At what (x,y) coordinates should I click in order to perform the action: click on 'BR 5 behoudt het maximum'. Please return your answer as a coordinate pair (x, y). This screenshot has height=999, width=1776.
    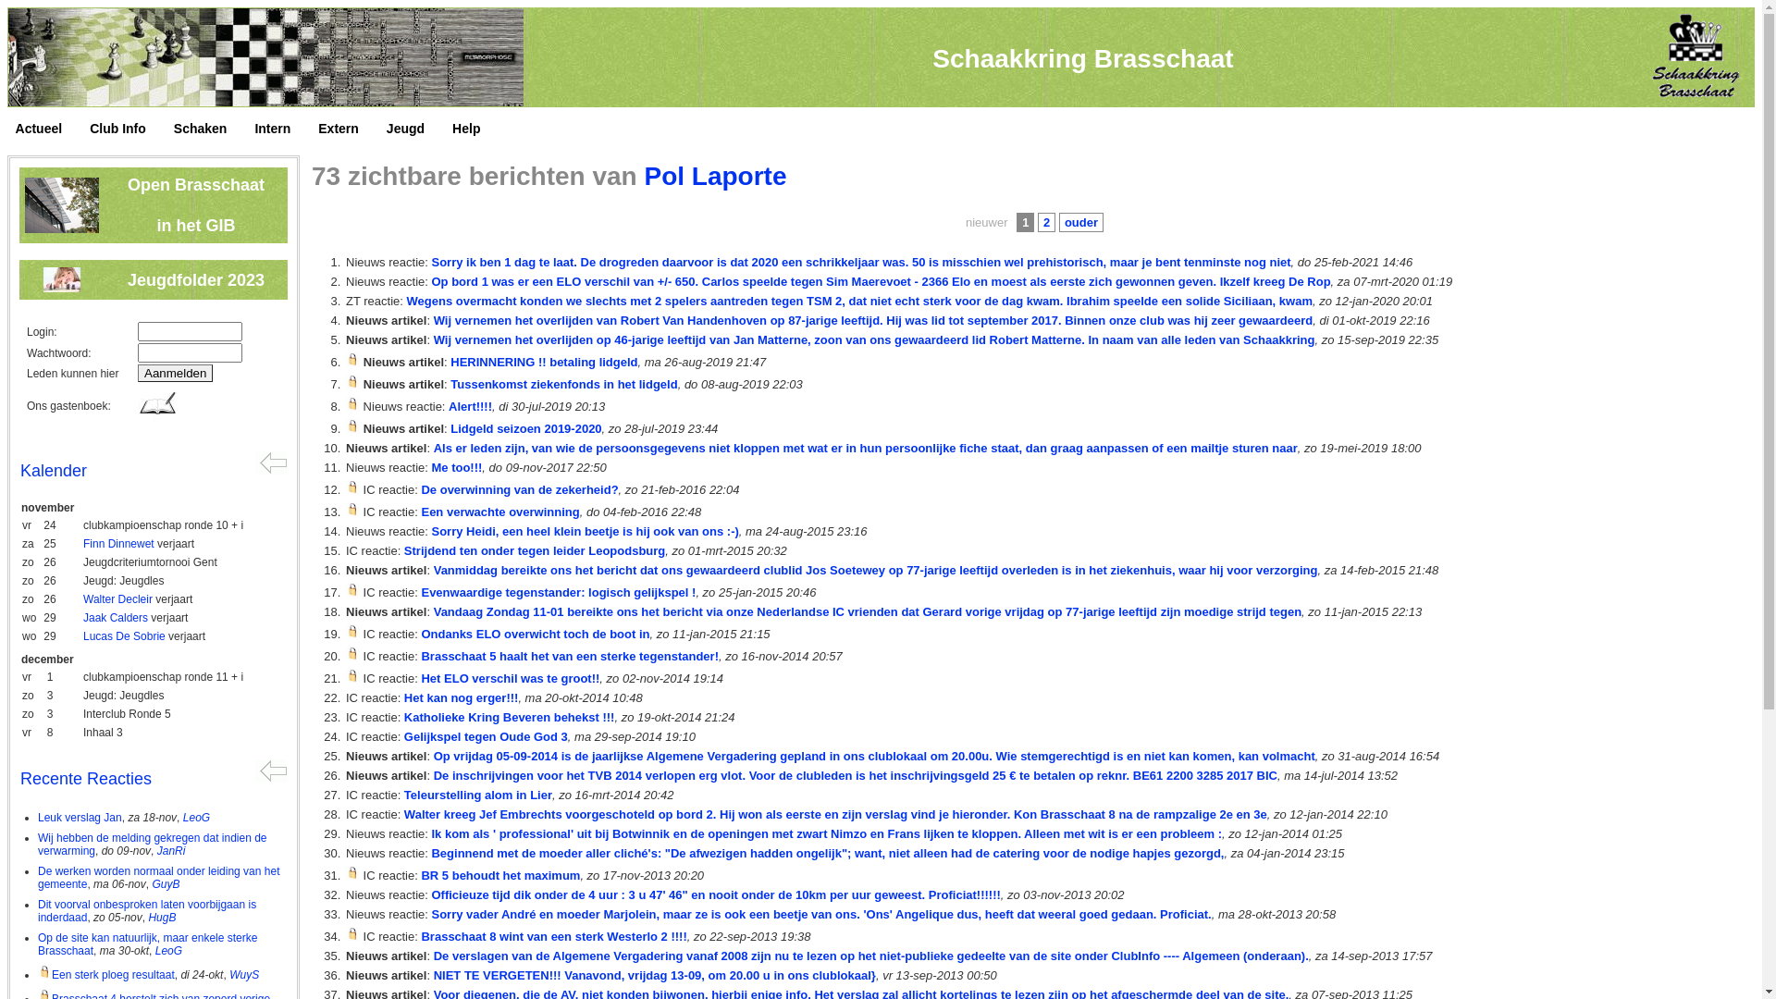
    Looking at the image, I should click on (420, 874).